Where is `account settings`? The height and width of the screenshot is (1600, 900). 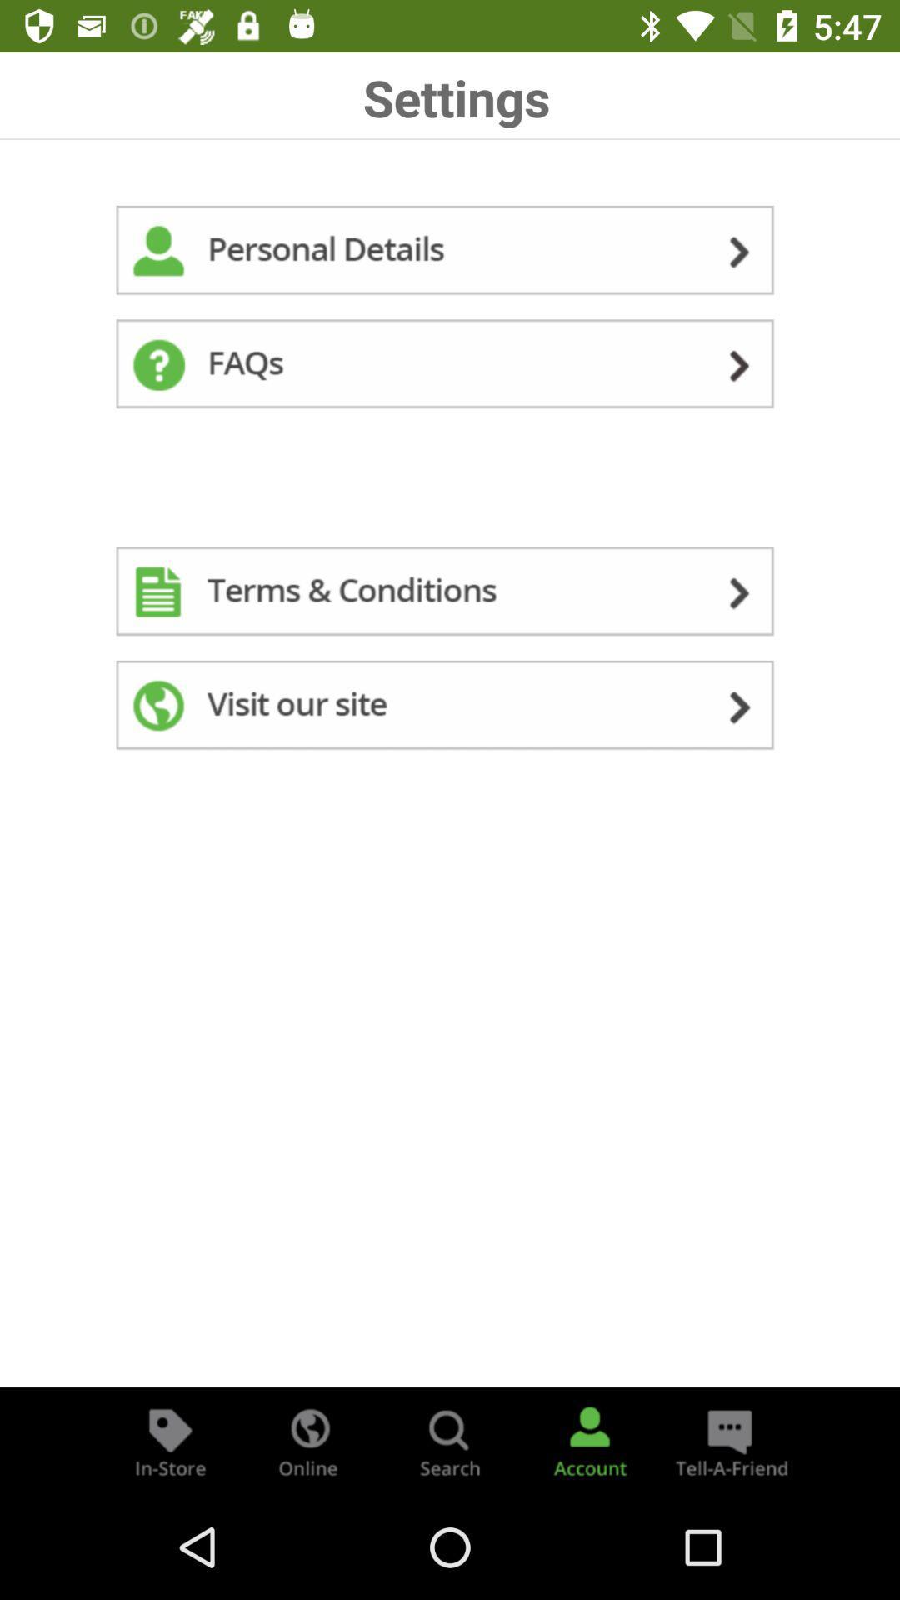
account settings is located at coordinates (589, 1440).